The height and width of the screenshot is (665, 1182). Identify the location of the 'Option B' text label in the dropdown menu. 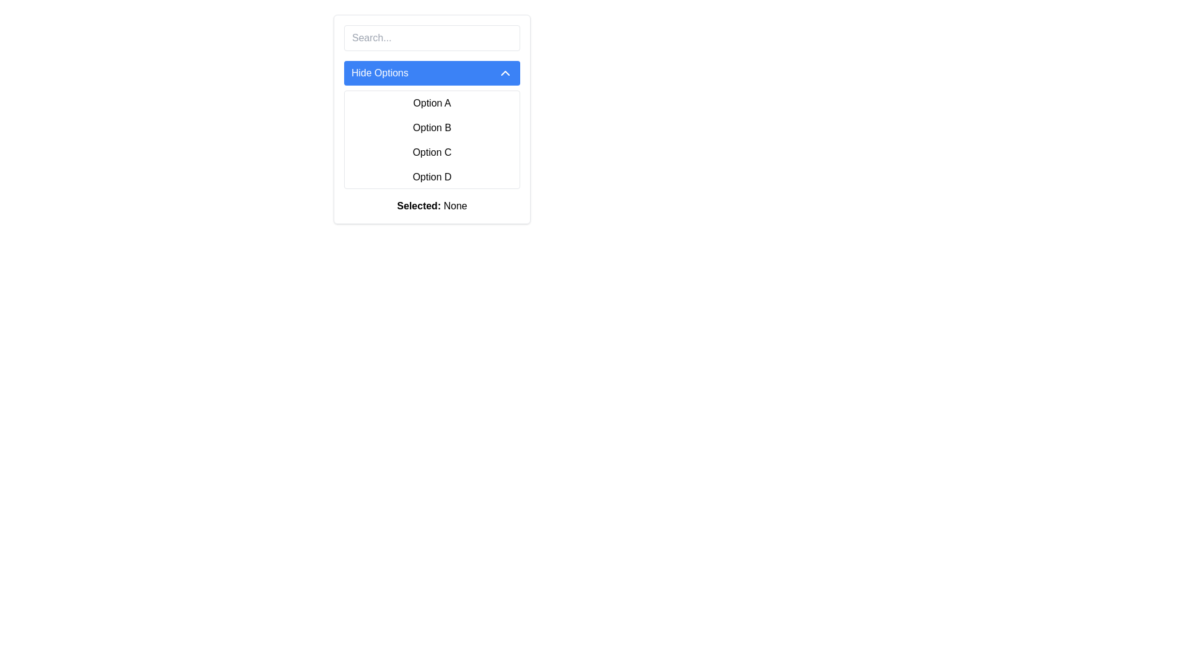
(432, 128).